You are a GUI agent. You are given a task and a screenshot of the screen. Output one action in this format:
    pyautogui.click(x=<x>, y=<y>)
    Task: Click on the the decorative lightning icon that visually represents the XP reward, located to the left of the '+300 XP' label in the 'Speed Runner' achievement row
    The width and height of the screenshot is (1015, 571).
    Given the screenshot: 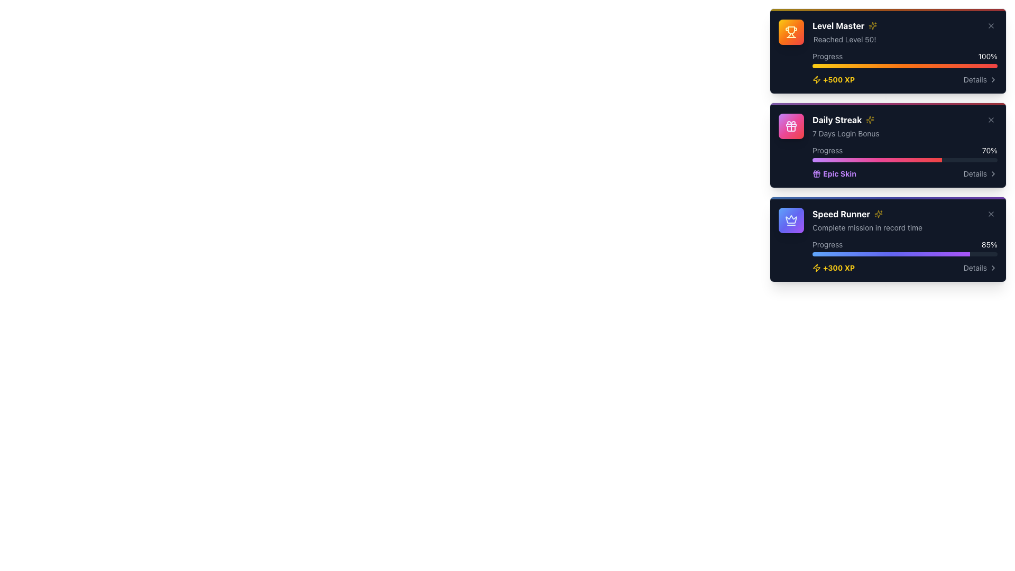 What is the action you would take?
    pyautogui.click(x=816, y=267)
    